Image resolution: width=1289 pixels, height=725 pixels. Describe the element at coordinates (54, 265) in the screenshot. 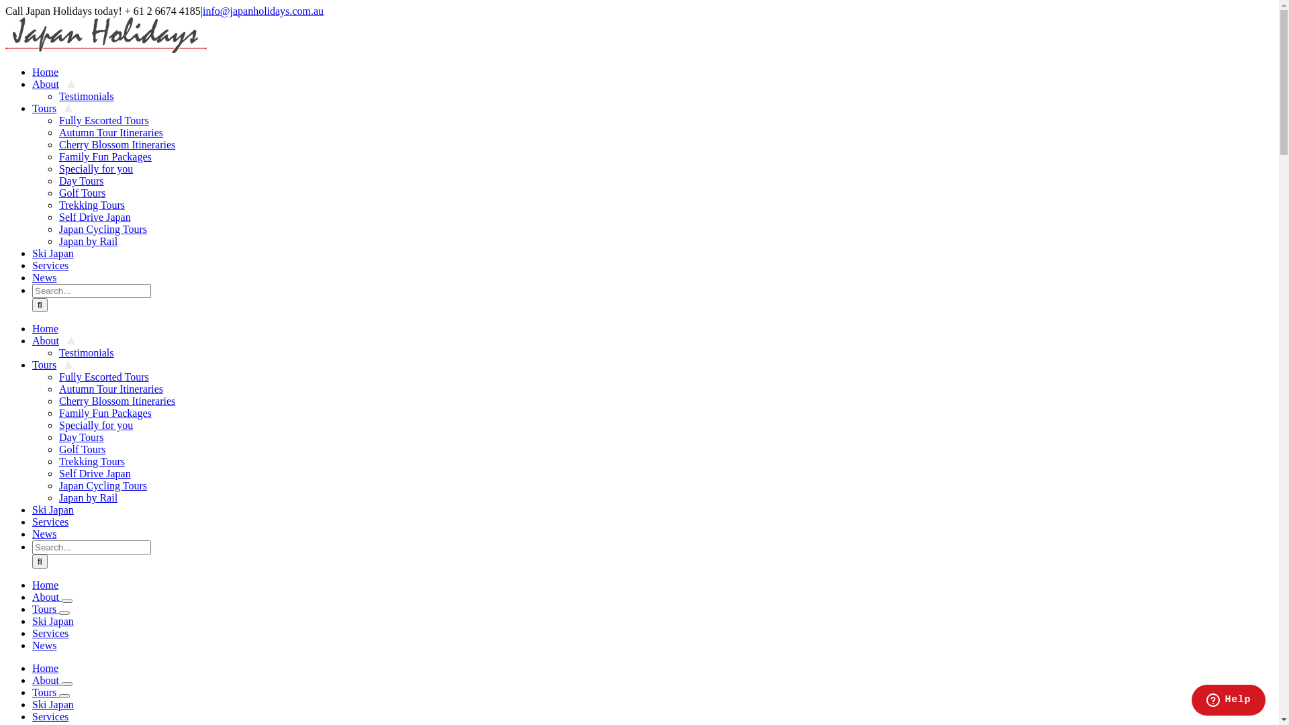

I see `'Services'` at that location.